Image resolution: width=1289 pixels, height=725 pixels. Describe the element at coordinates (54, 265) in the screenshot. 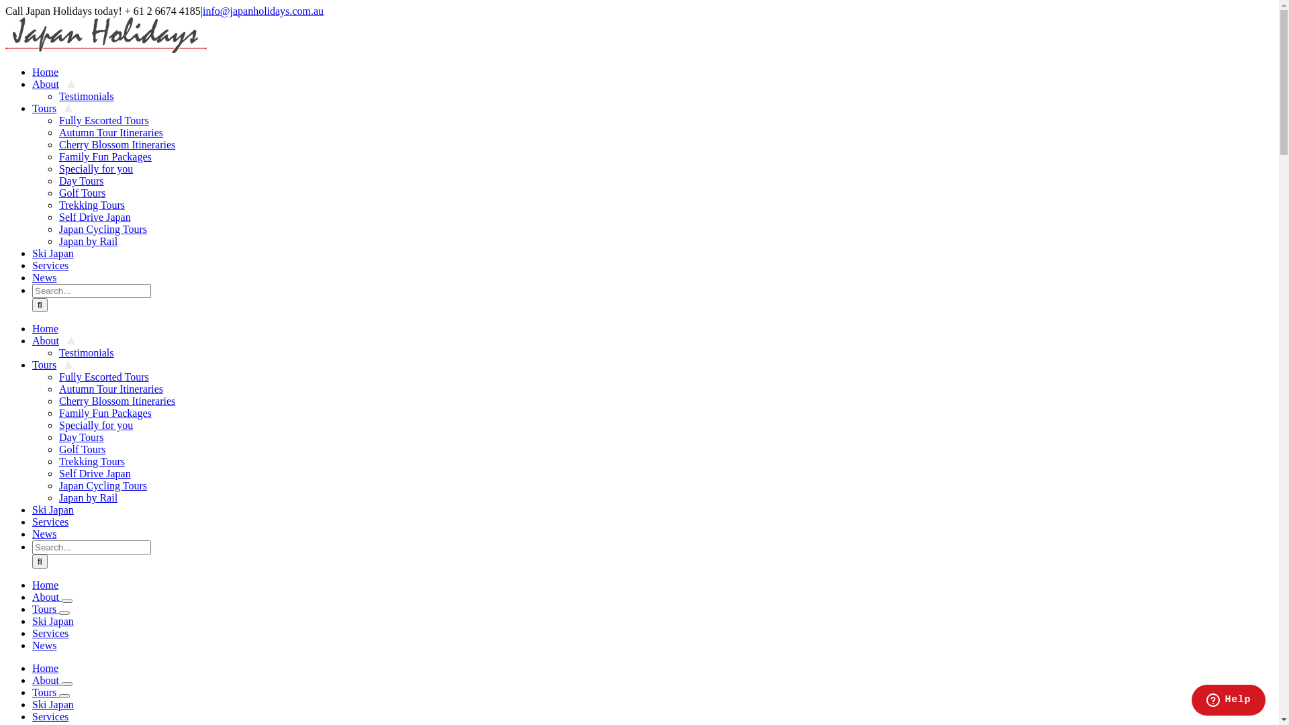

I see `'Services'` at that location.